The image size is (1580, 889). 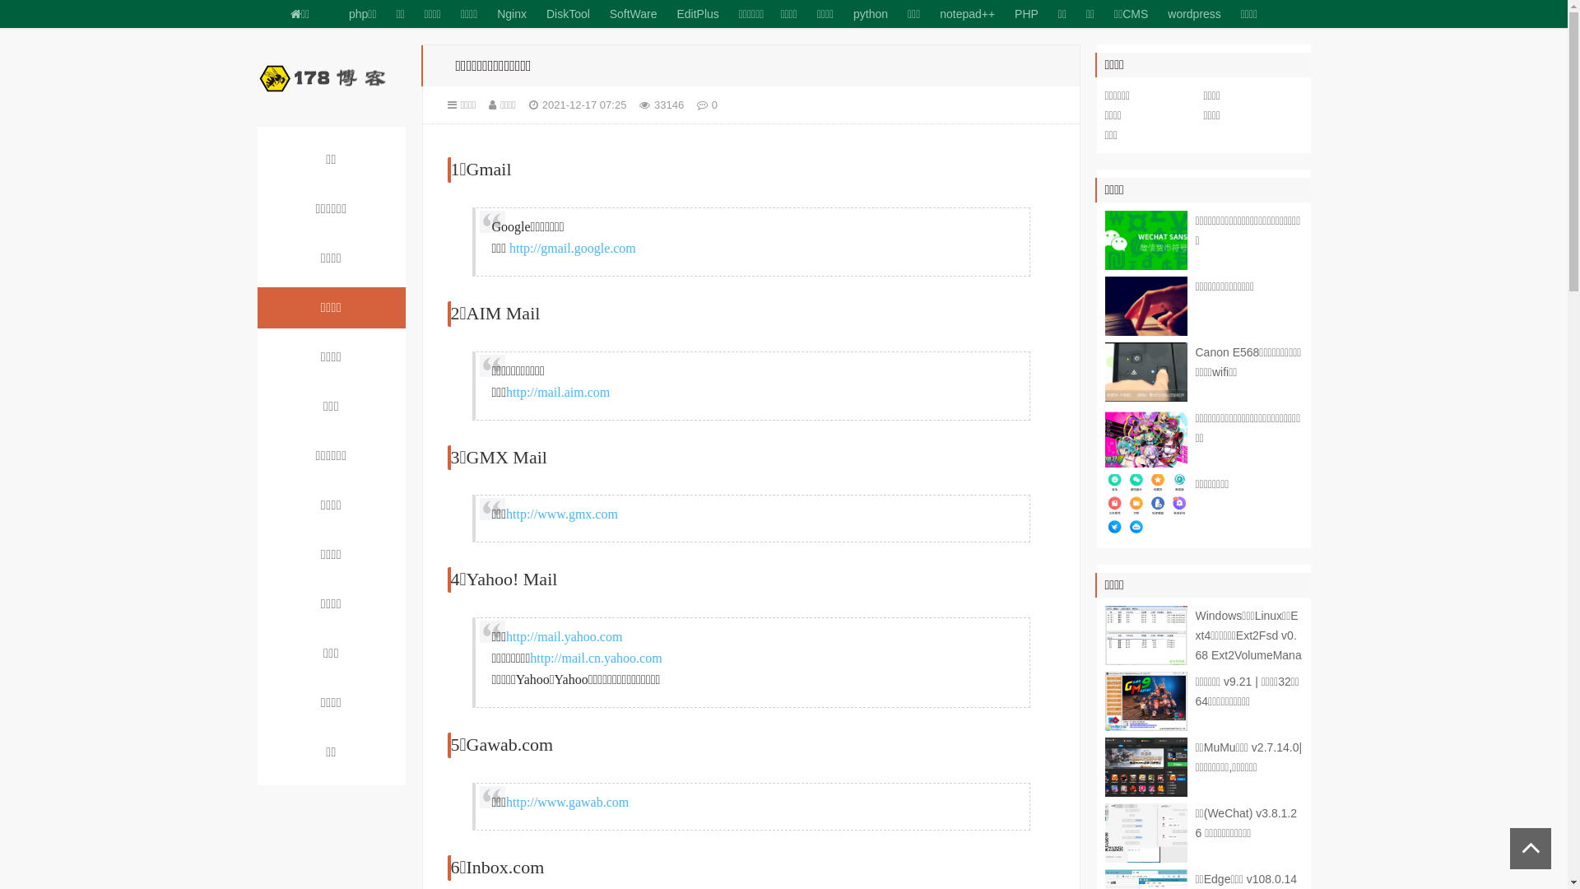 I want to click on 'notepad++', so click(x=967, y=13).